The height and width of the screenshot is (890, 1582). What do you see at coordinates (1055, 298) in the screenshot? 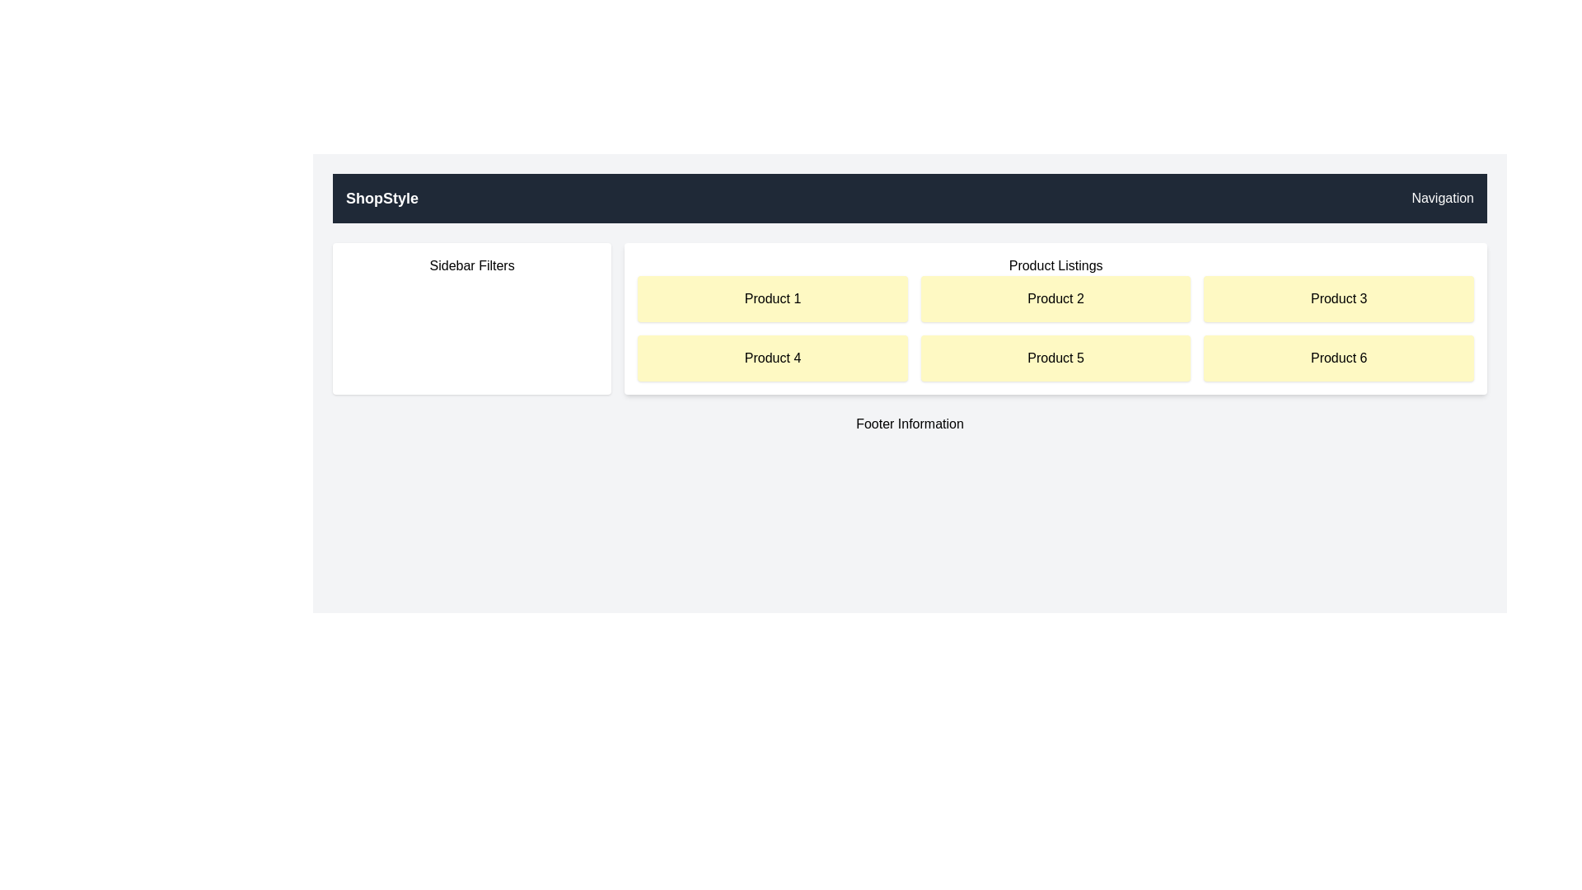
I see `the Text Label displaying information about 'Product 2', which is located in the first row and second column of the grid layout` at bounding box center [1055, 298].